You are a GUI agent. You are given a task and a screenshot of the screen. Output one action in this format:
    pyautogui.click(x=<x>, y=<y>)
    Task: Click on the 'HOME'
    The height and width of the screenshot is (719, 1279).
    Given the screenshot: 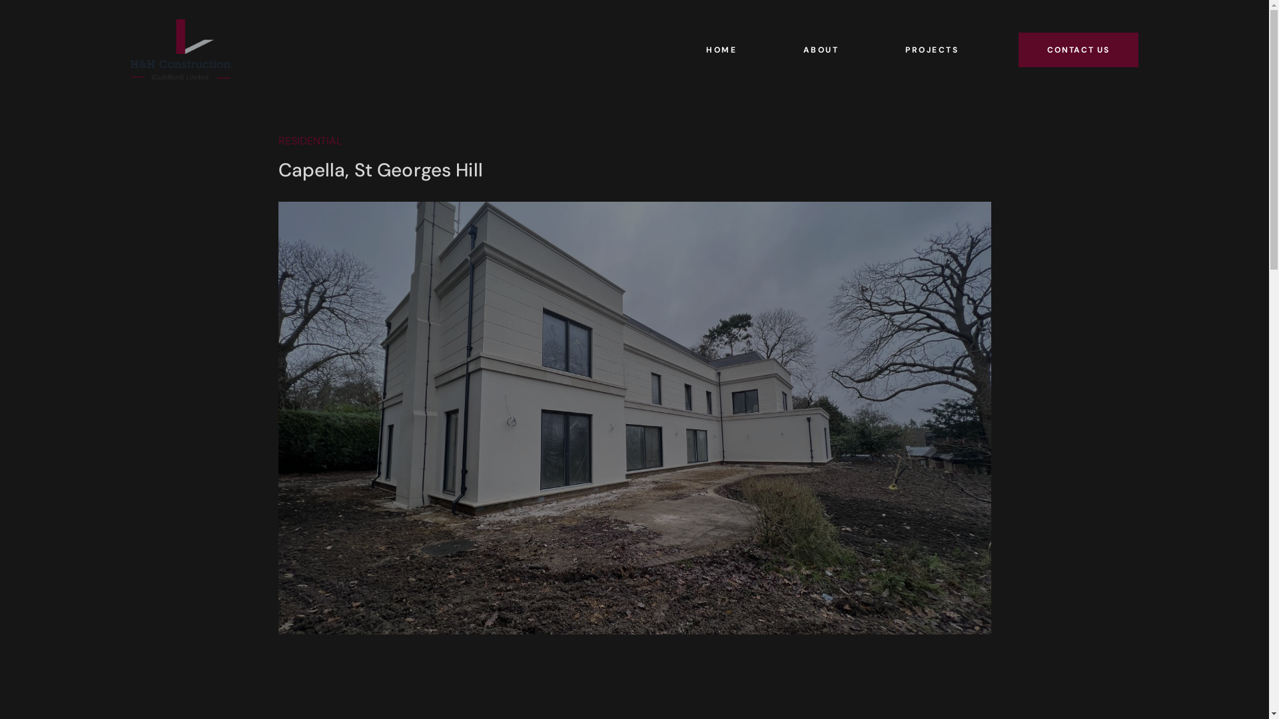 What is the action you would take?
    pyautogui.click(x=705, y=49)
    